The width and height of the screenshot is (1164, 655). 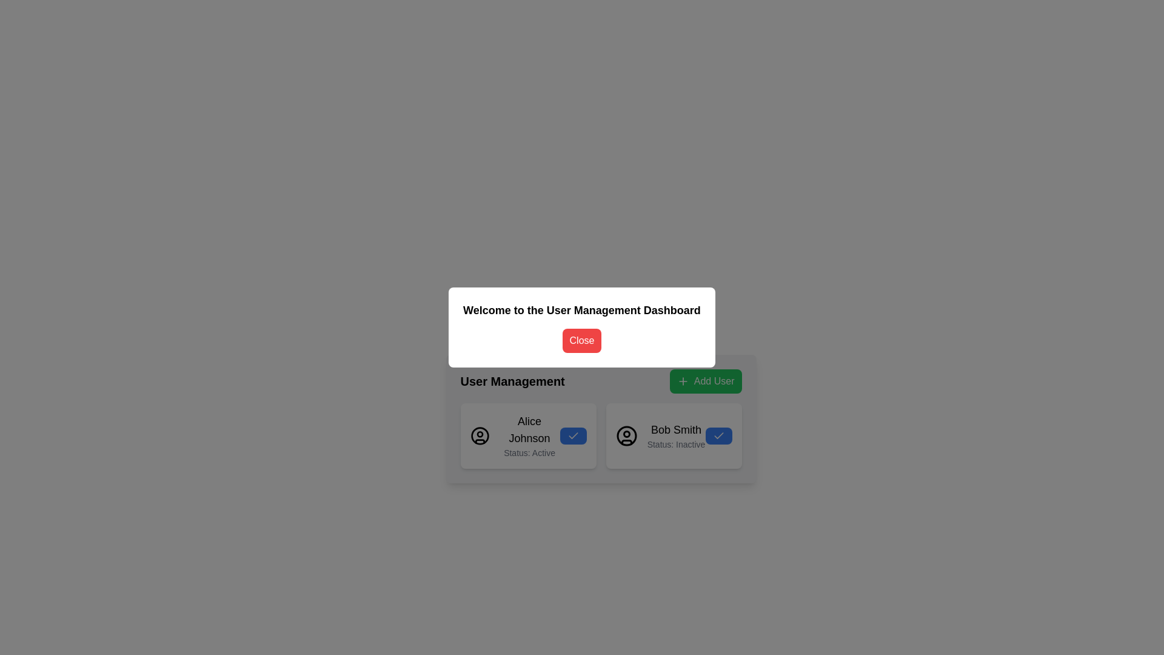 What do you see at coordinates (572, 435) in the screenshot?
I see `blue checkmark icon indicating active status for user 'Alice Johnson', located at the bottom-right of the user card` at bounding box center [572, 435].